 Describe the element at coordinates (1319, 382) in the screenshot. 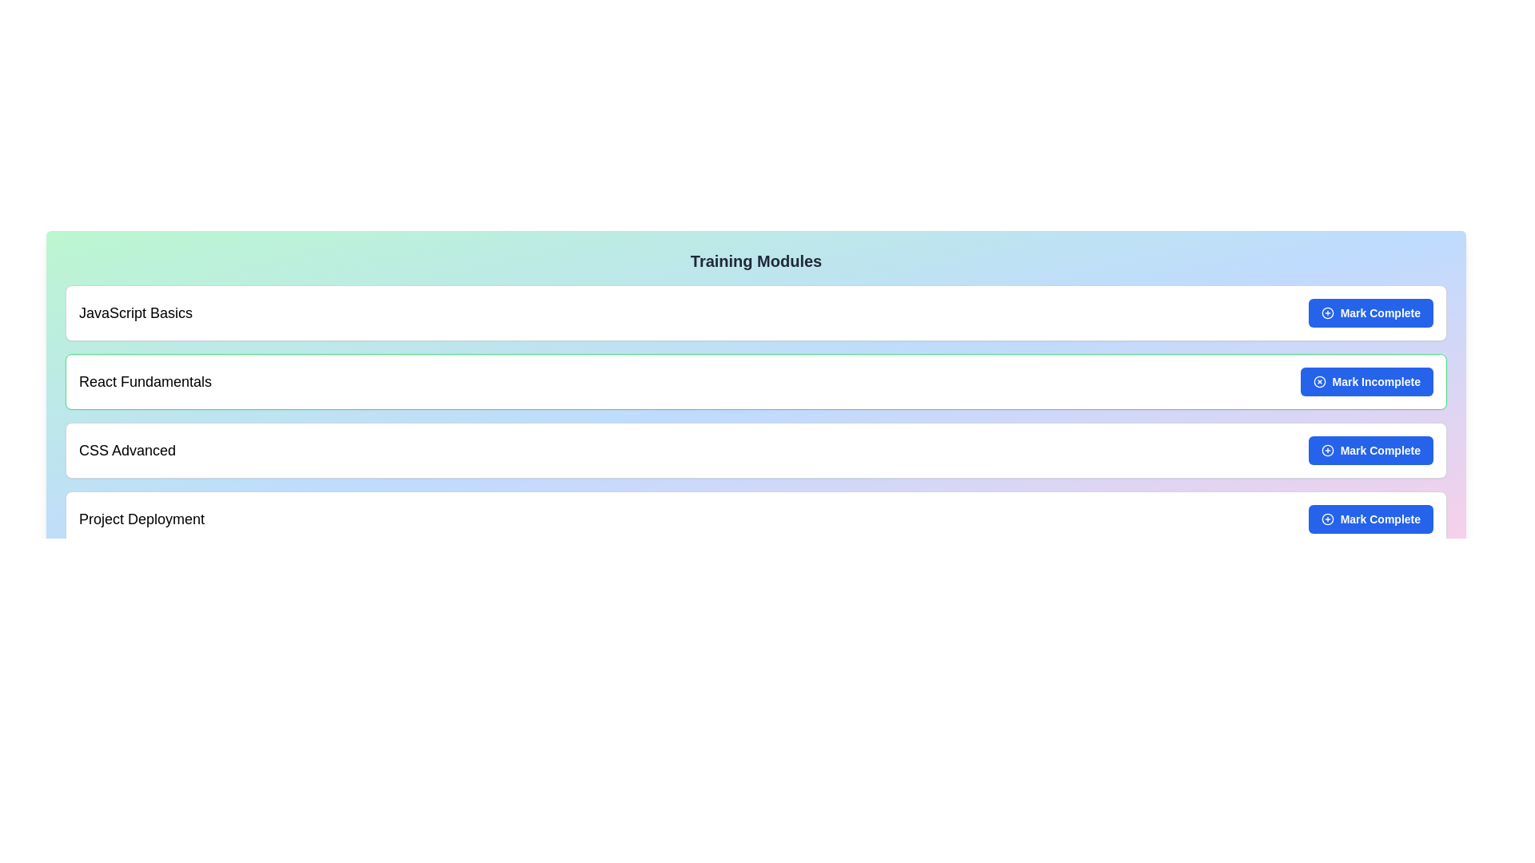

I see `the decorative 'Mark Incomplete' icon, which is an 'X' symbol located on the left side of the button's text label in the second row of training modules` at that location.